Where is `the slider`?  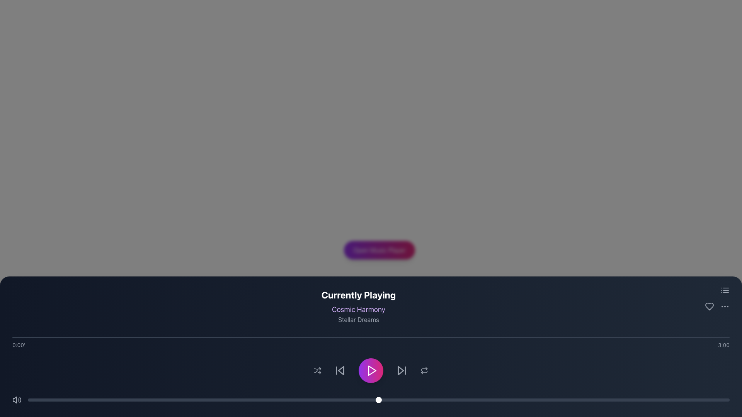 the slider is located at coordinates (386, 400).